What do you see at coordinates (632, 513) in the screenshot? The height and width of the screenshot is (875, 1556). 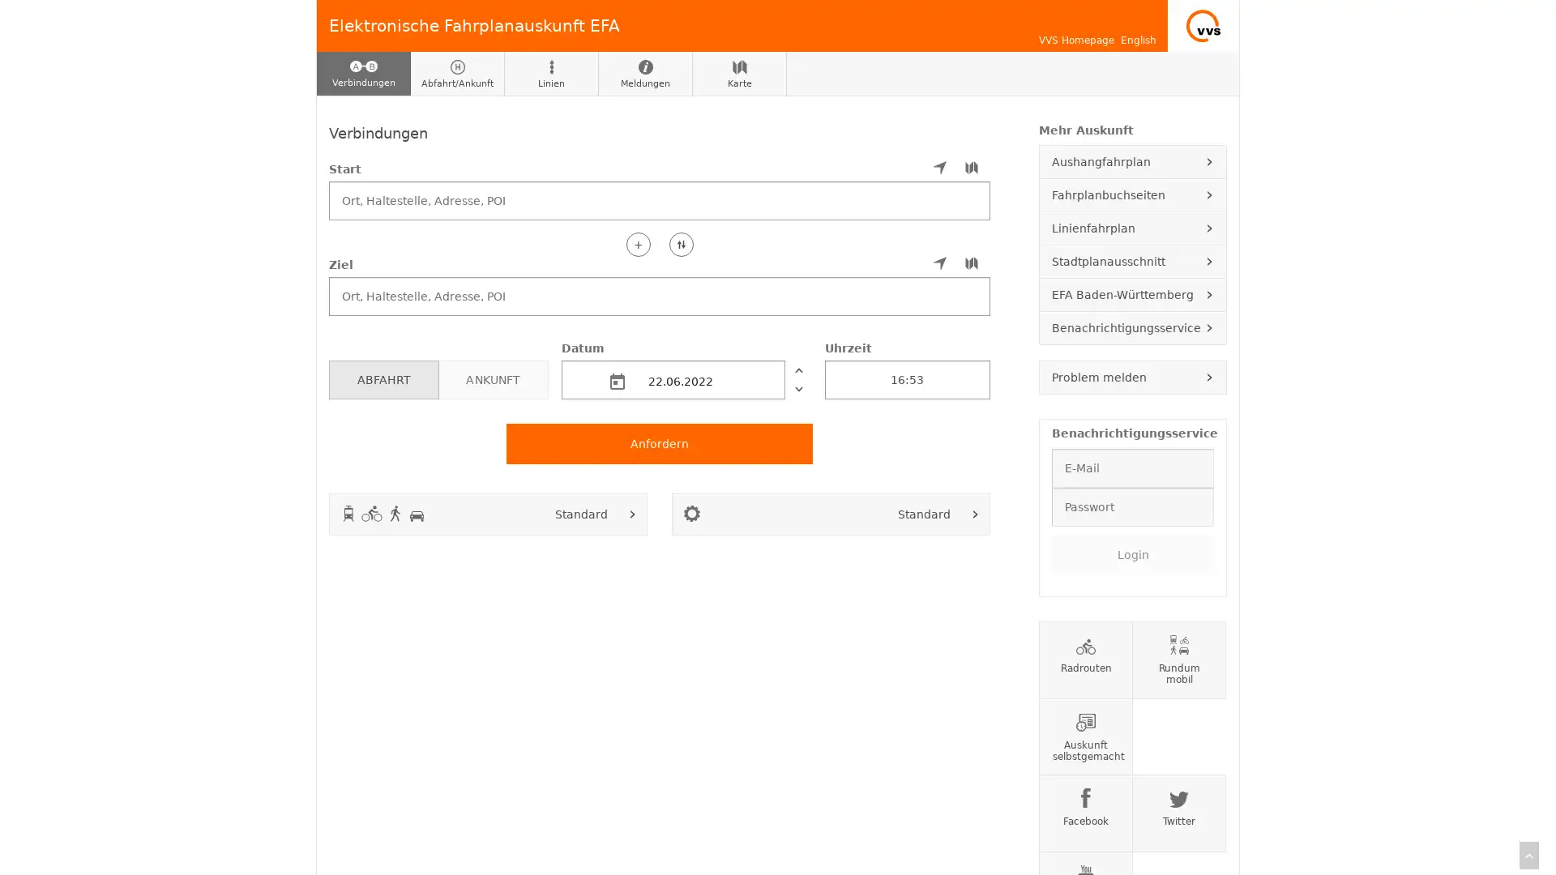 I see `Verkehrsmittel auswahlen` at bounding box center [632, 513].